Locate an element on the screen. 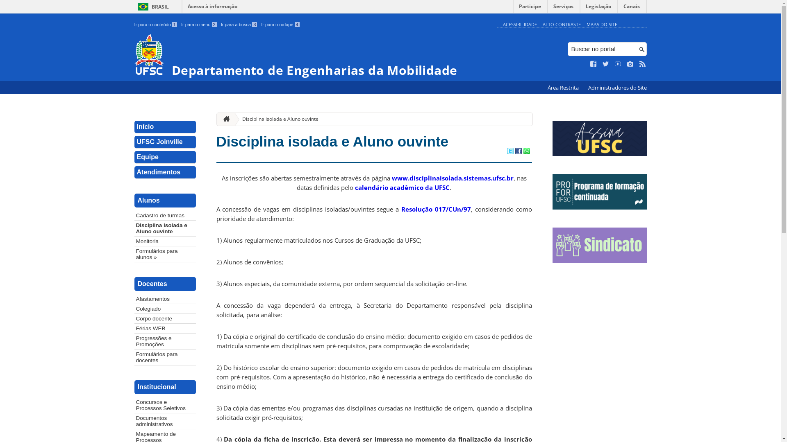 Image resolution: width=787 pixels, height=442 pixels. 'Veja no Instagram' is located at coordinates (630, 64).